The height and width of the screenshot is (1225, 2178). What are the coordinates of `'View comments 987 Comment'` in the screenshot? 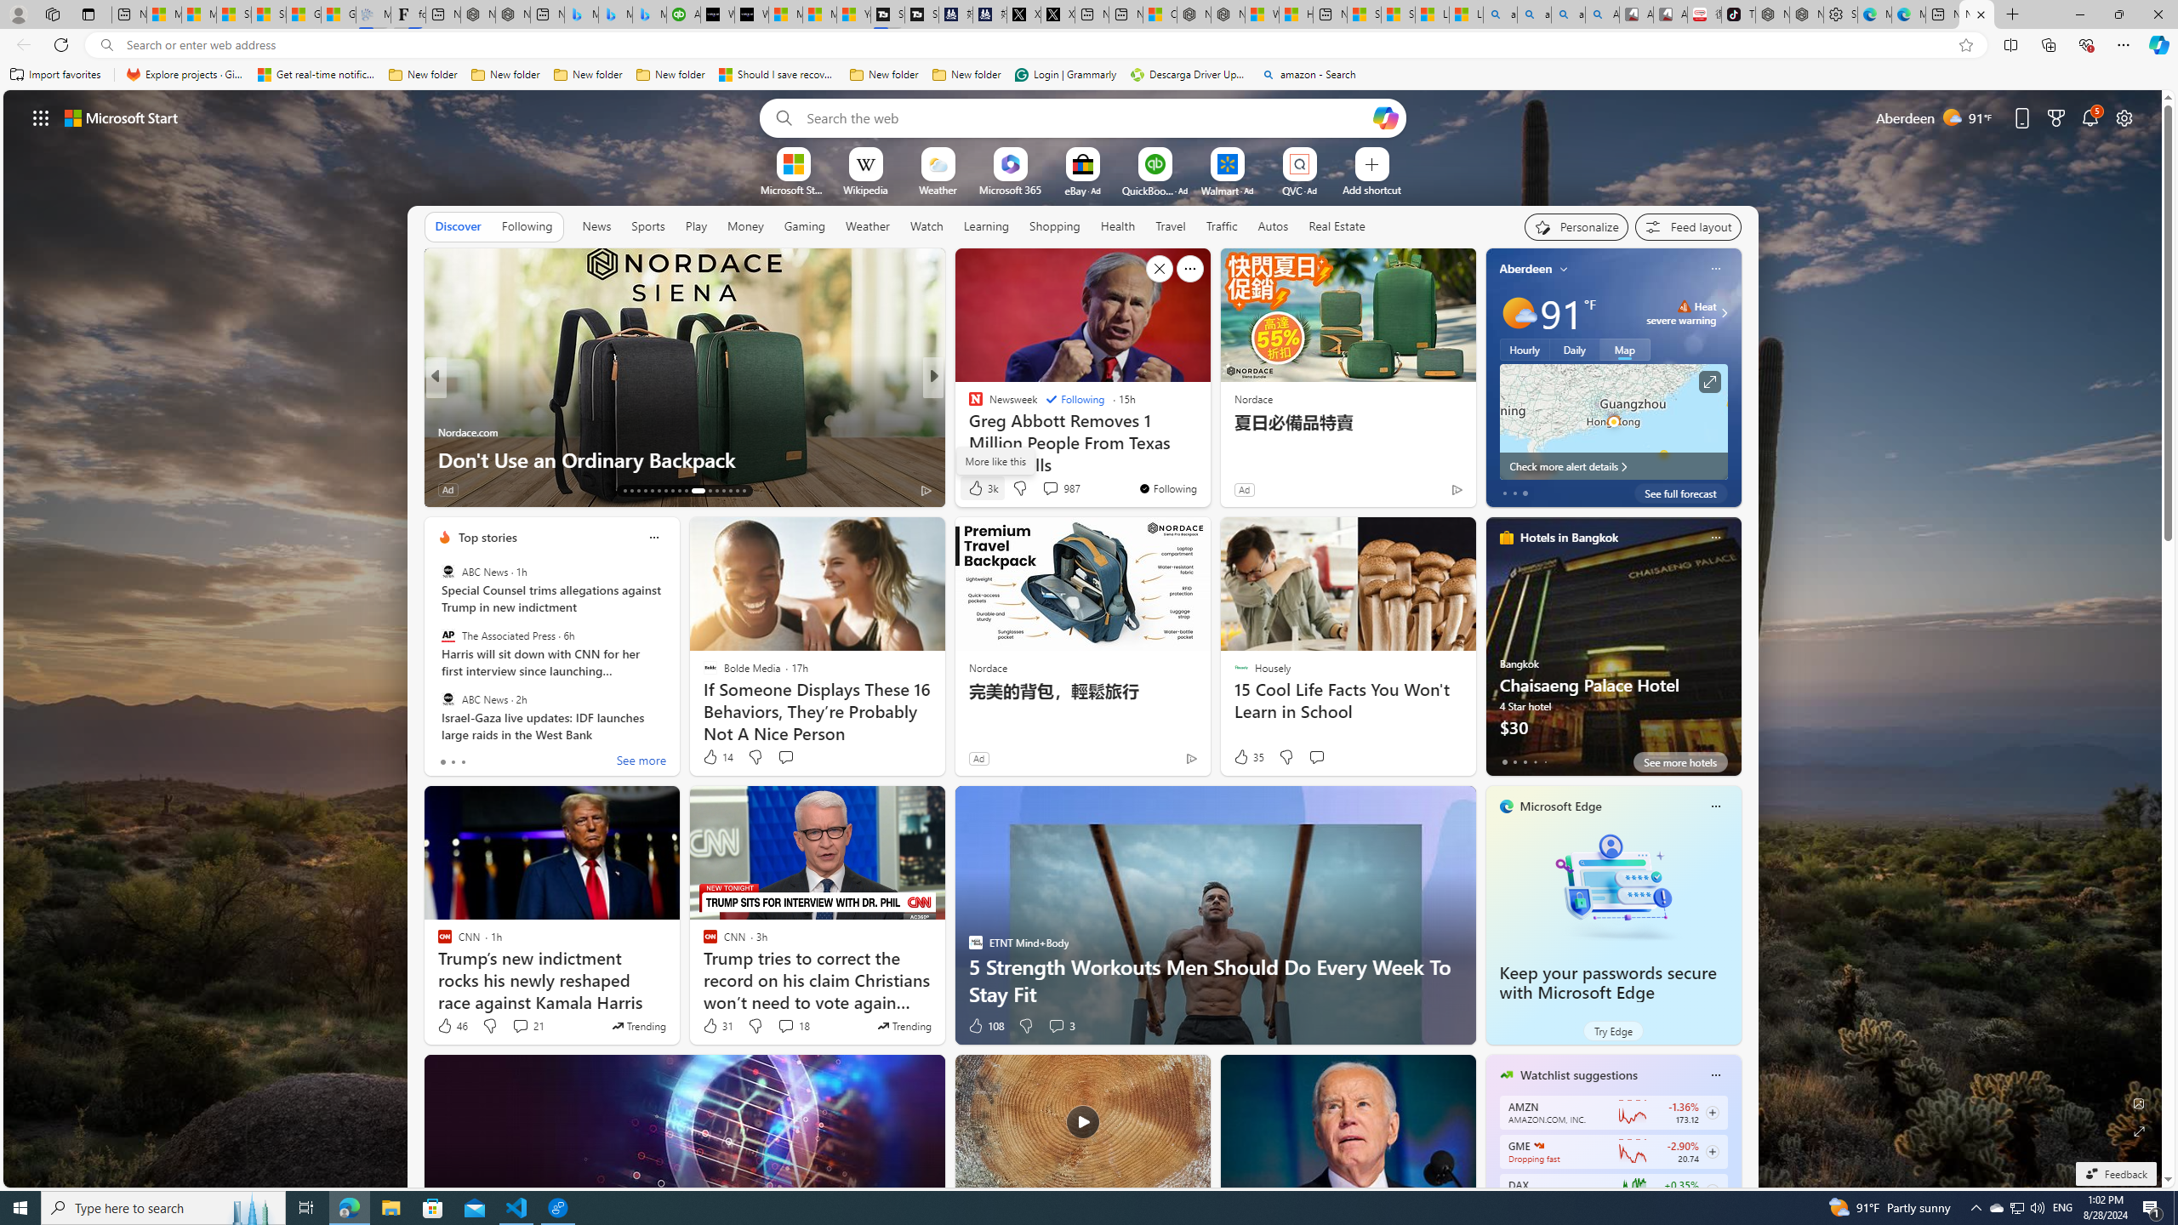 It's located at (1060, 487).